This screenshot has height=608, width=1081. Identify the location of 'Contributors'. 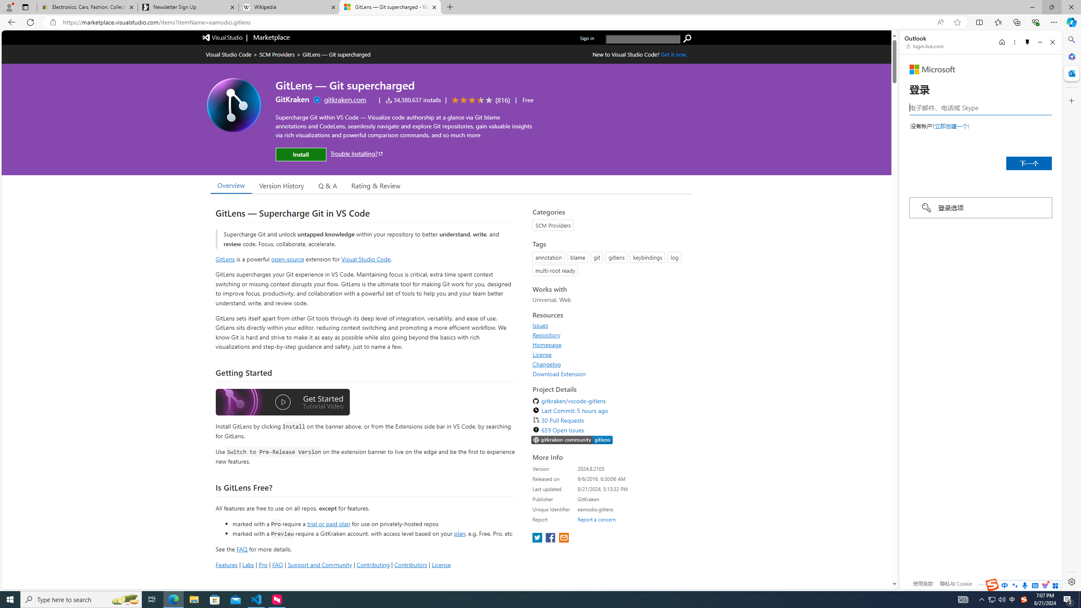
(410, 564).